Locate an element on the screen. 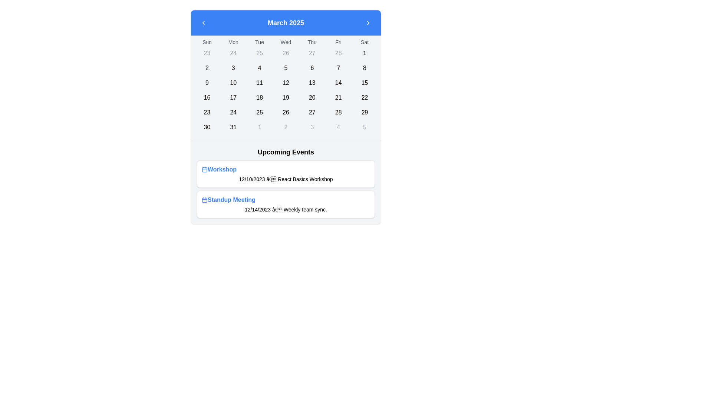 The height and width of the screenshot is (400, 712). the button representing the date '11' in the March 2025 calendar is located at coordinates (260, 83).